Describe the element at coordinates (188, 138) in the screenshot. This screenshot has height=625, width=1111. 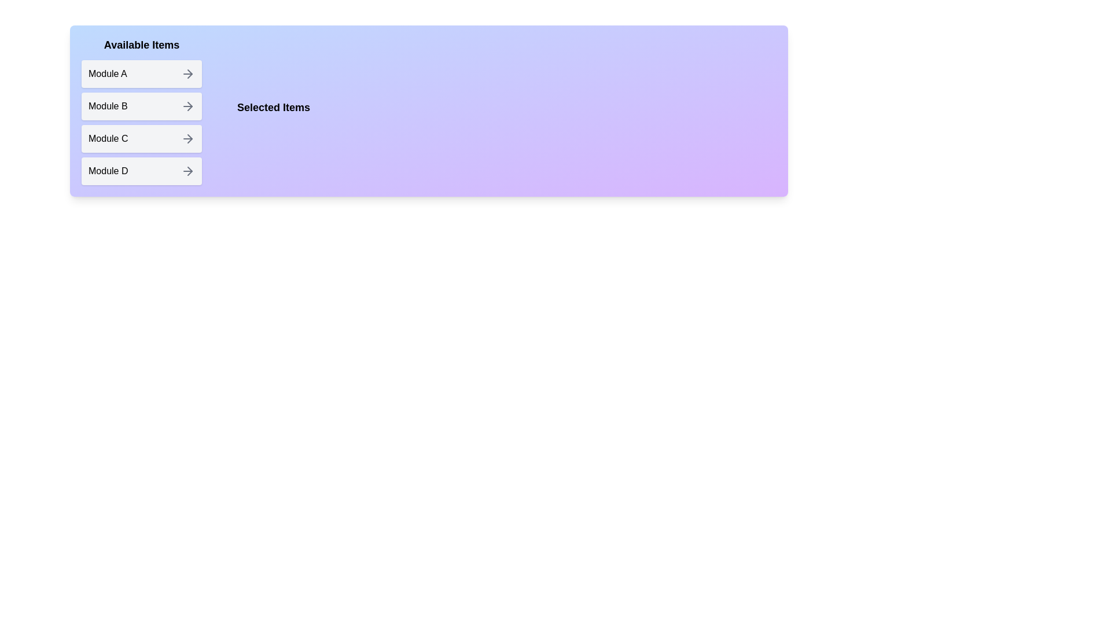
I see `arrow button next to the item Module C in the 'Available Items' list to transfer it to the 'Selected Items' list` at that location.